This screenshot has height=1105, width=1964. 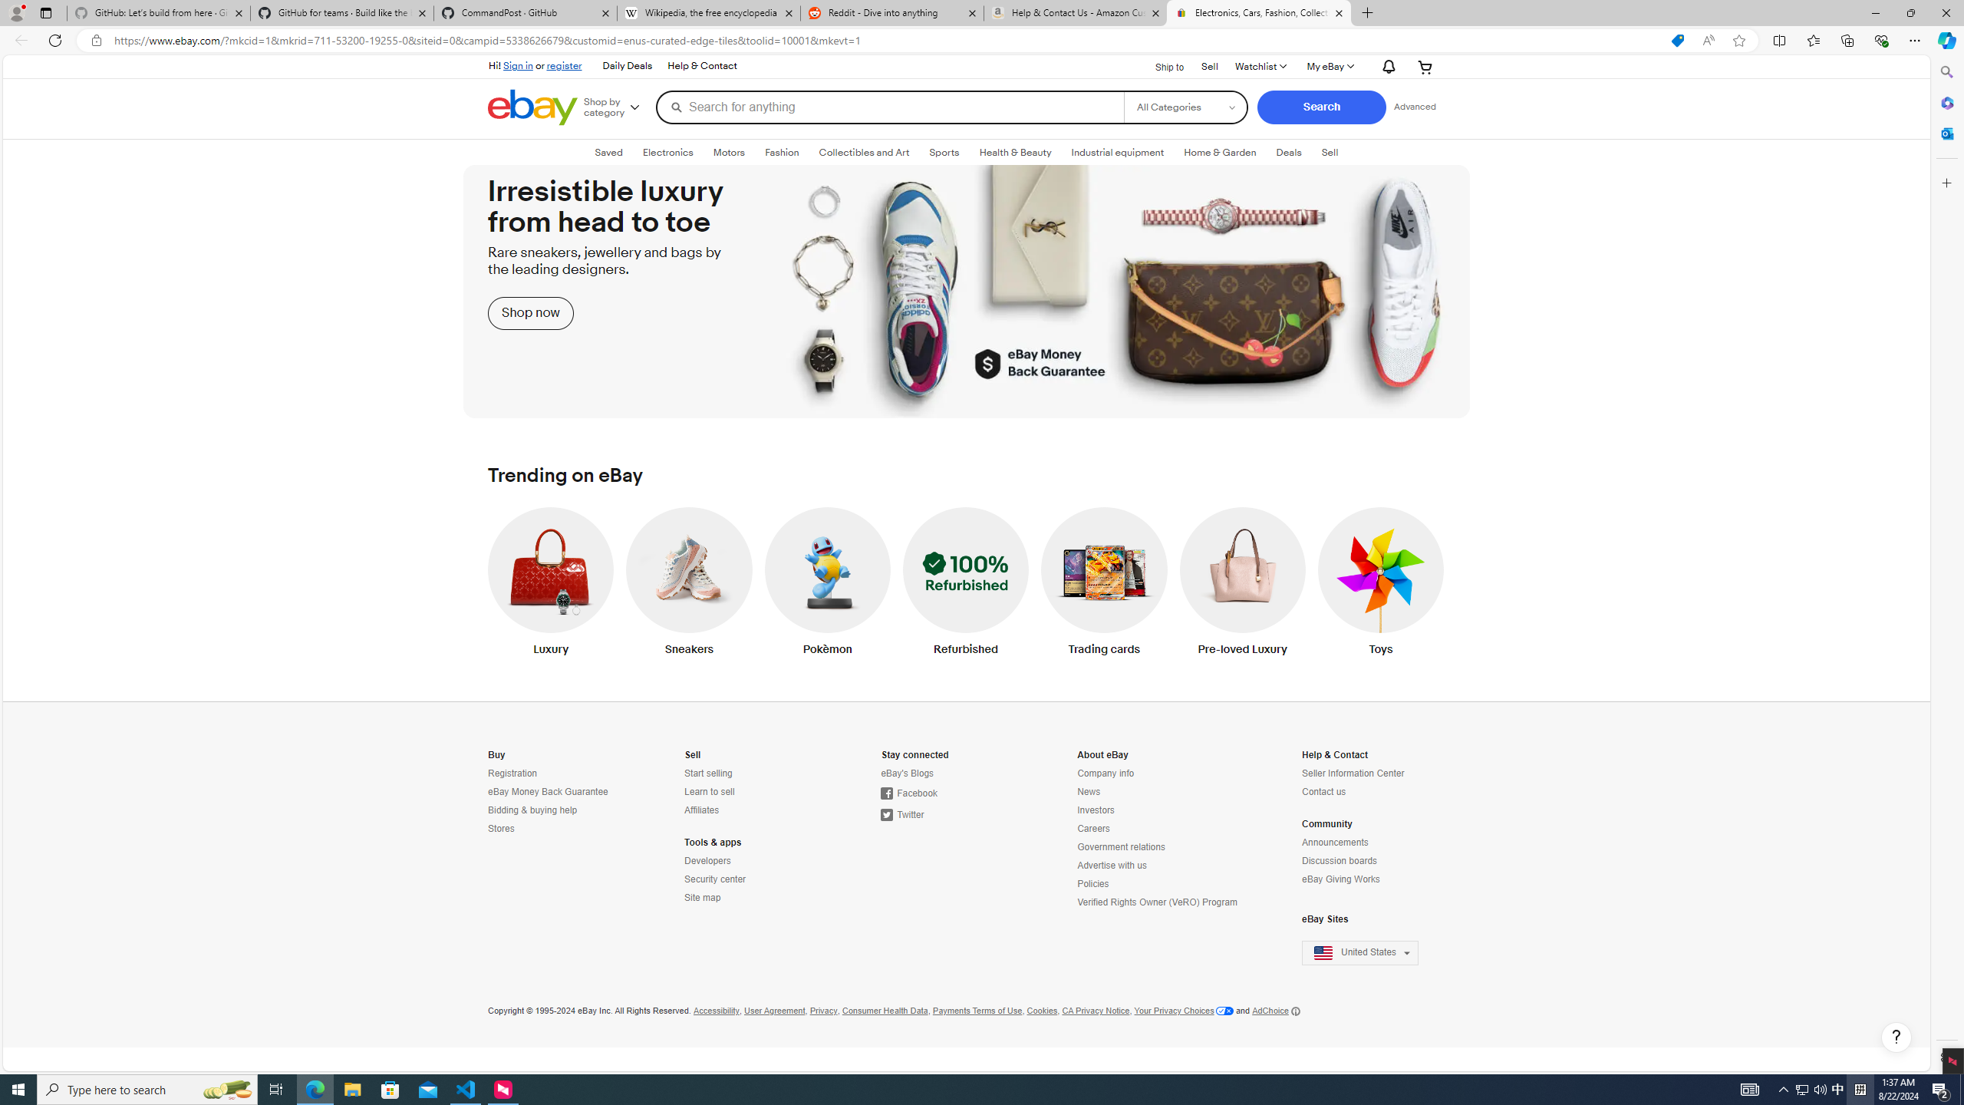 What do you see at coordinates (1369, 843) in the screenshot?
I see `'Announcements'` at bounding box center [1369, 843].